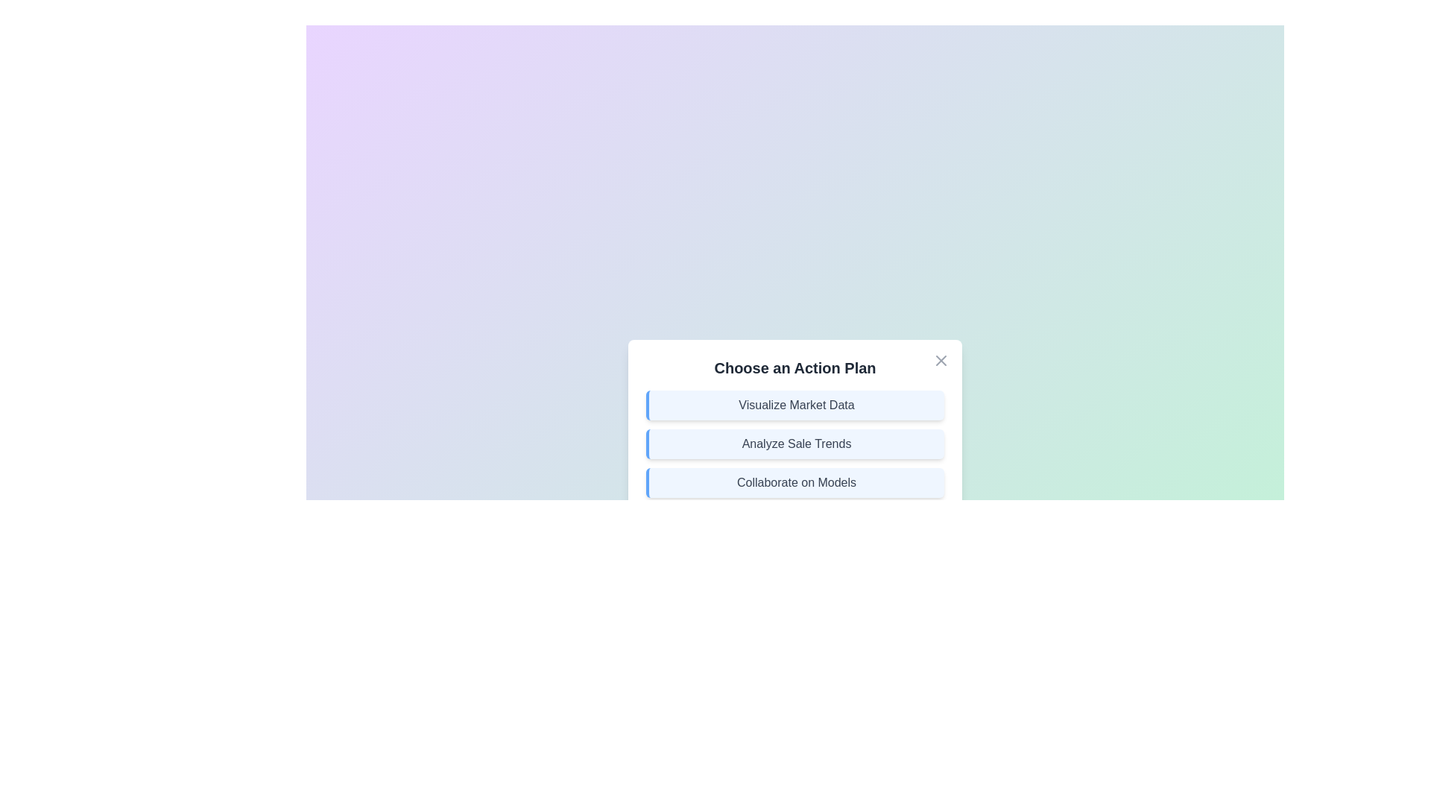 The image size is (1431, 805). What do you see at coordinates (794, 443) in the screenshot?
I see `the list item corresponding to Analyze Sale Trends` at bounding box center [794, 443].